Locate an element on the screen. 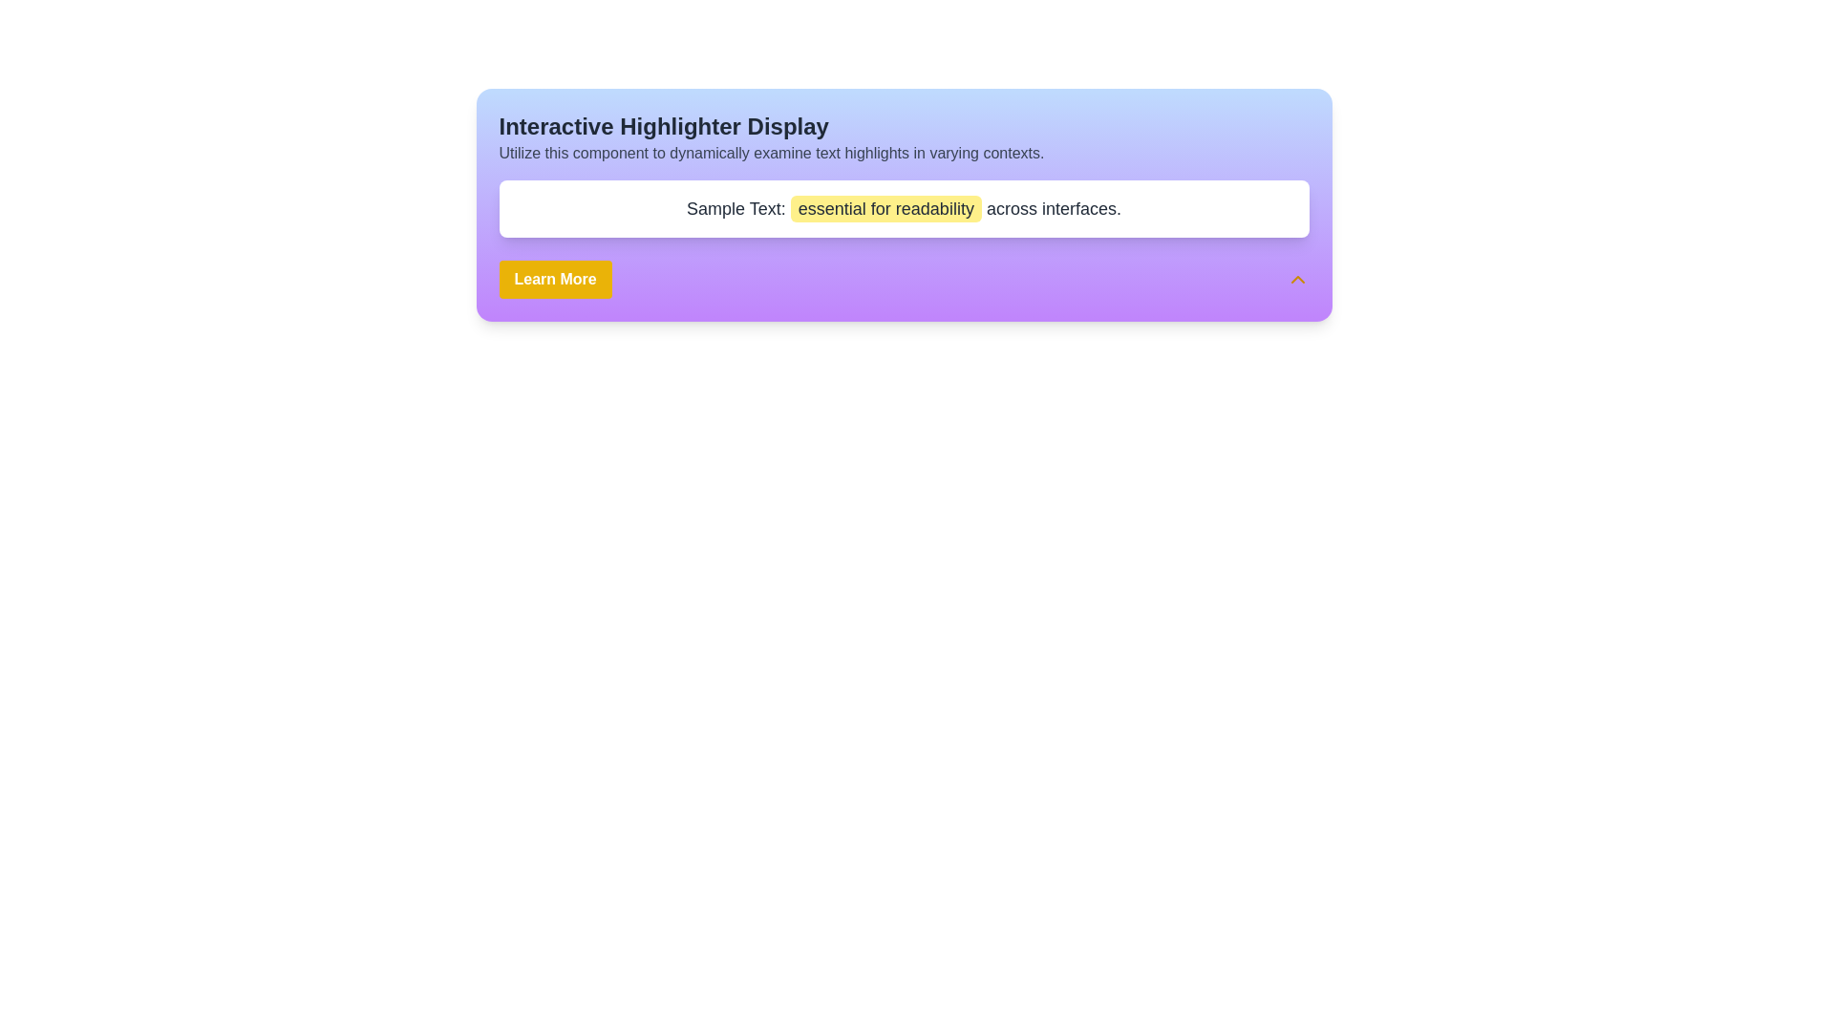 The image size is (1834, 1031). the text element that reads 'Utilize this component to dynamically examine text highlights in varying contexts', located within a blue header area, below the title 'Interactive Highlighter Display' is located at coordinates (903, 153).